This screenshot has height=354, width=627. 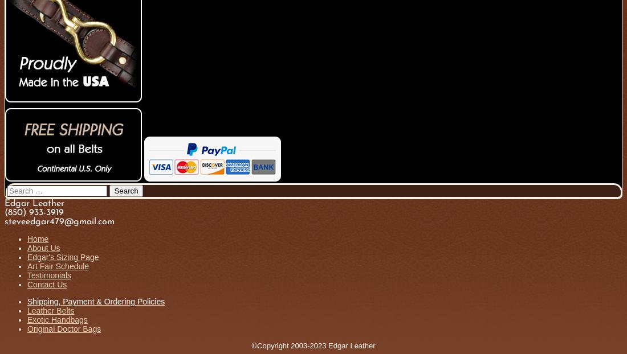 I want to click on 'Shipping, Payment & Ordering Policies', so click(x=26, y=301).